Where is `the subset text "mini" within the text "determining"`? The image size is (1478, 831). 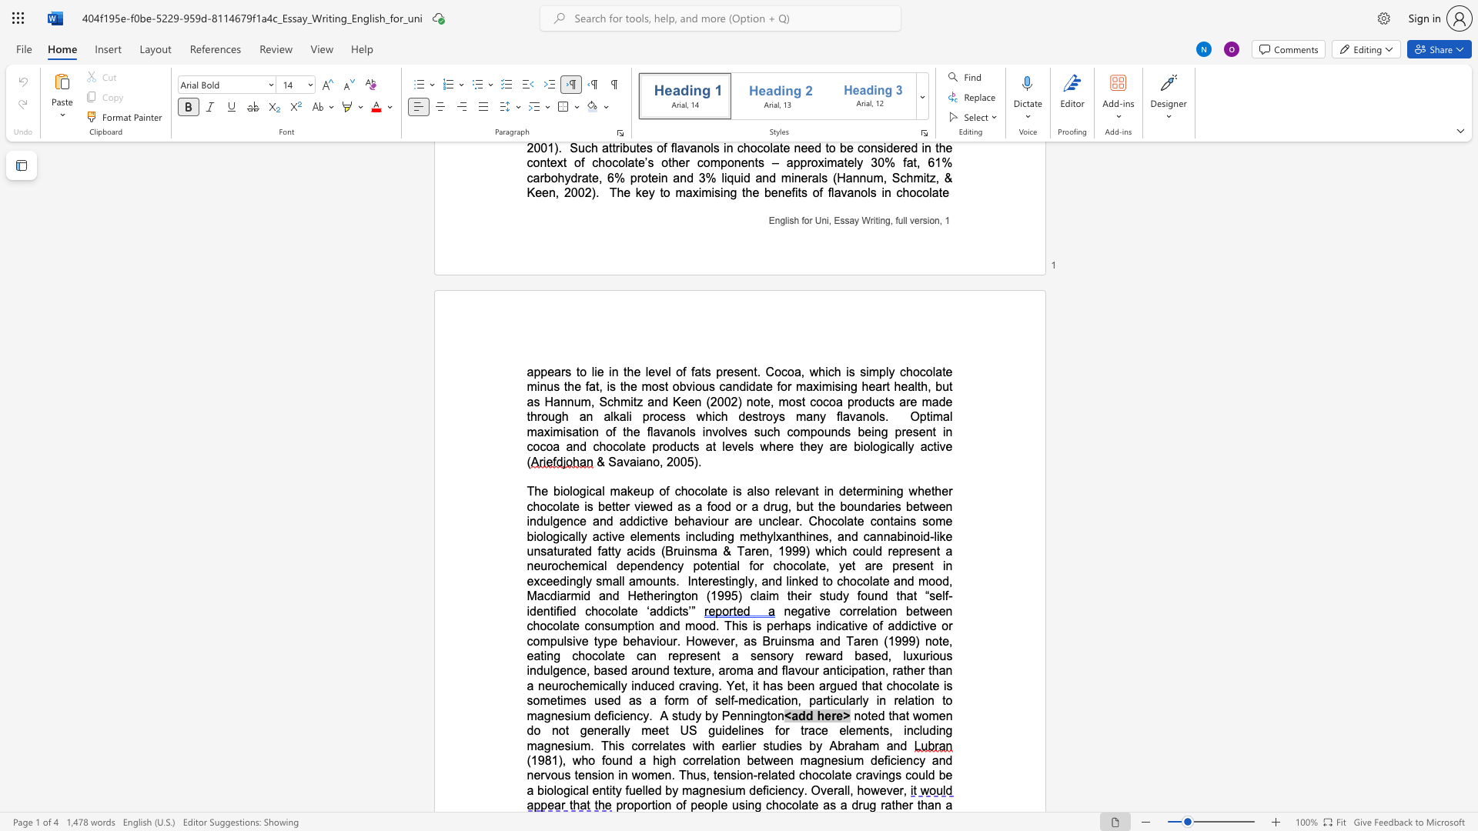 the subset text "mini" within the text "determining" is located at coordinates (867, 491).